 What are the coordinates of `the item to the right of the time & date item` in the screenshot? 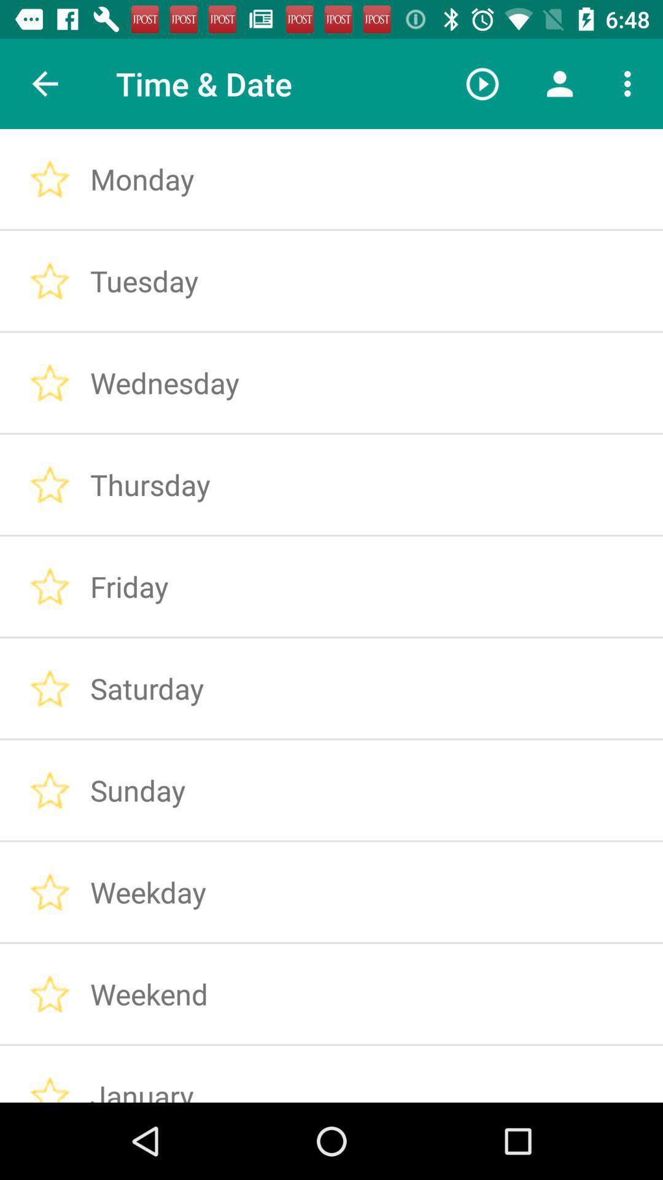 It's located at (482, 83).